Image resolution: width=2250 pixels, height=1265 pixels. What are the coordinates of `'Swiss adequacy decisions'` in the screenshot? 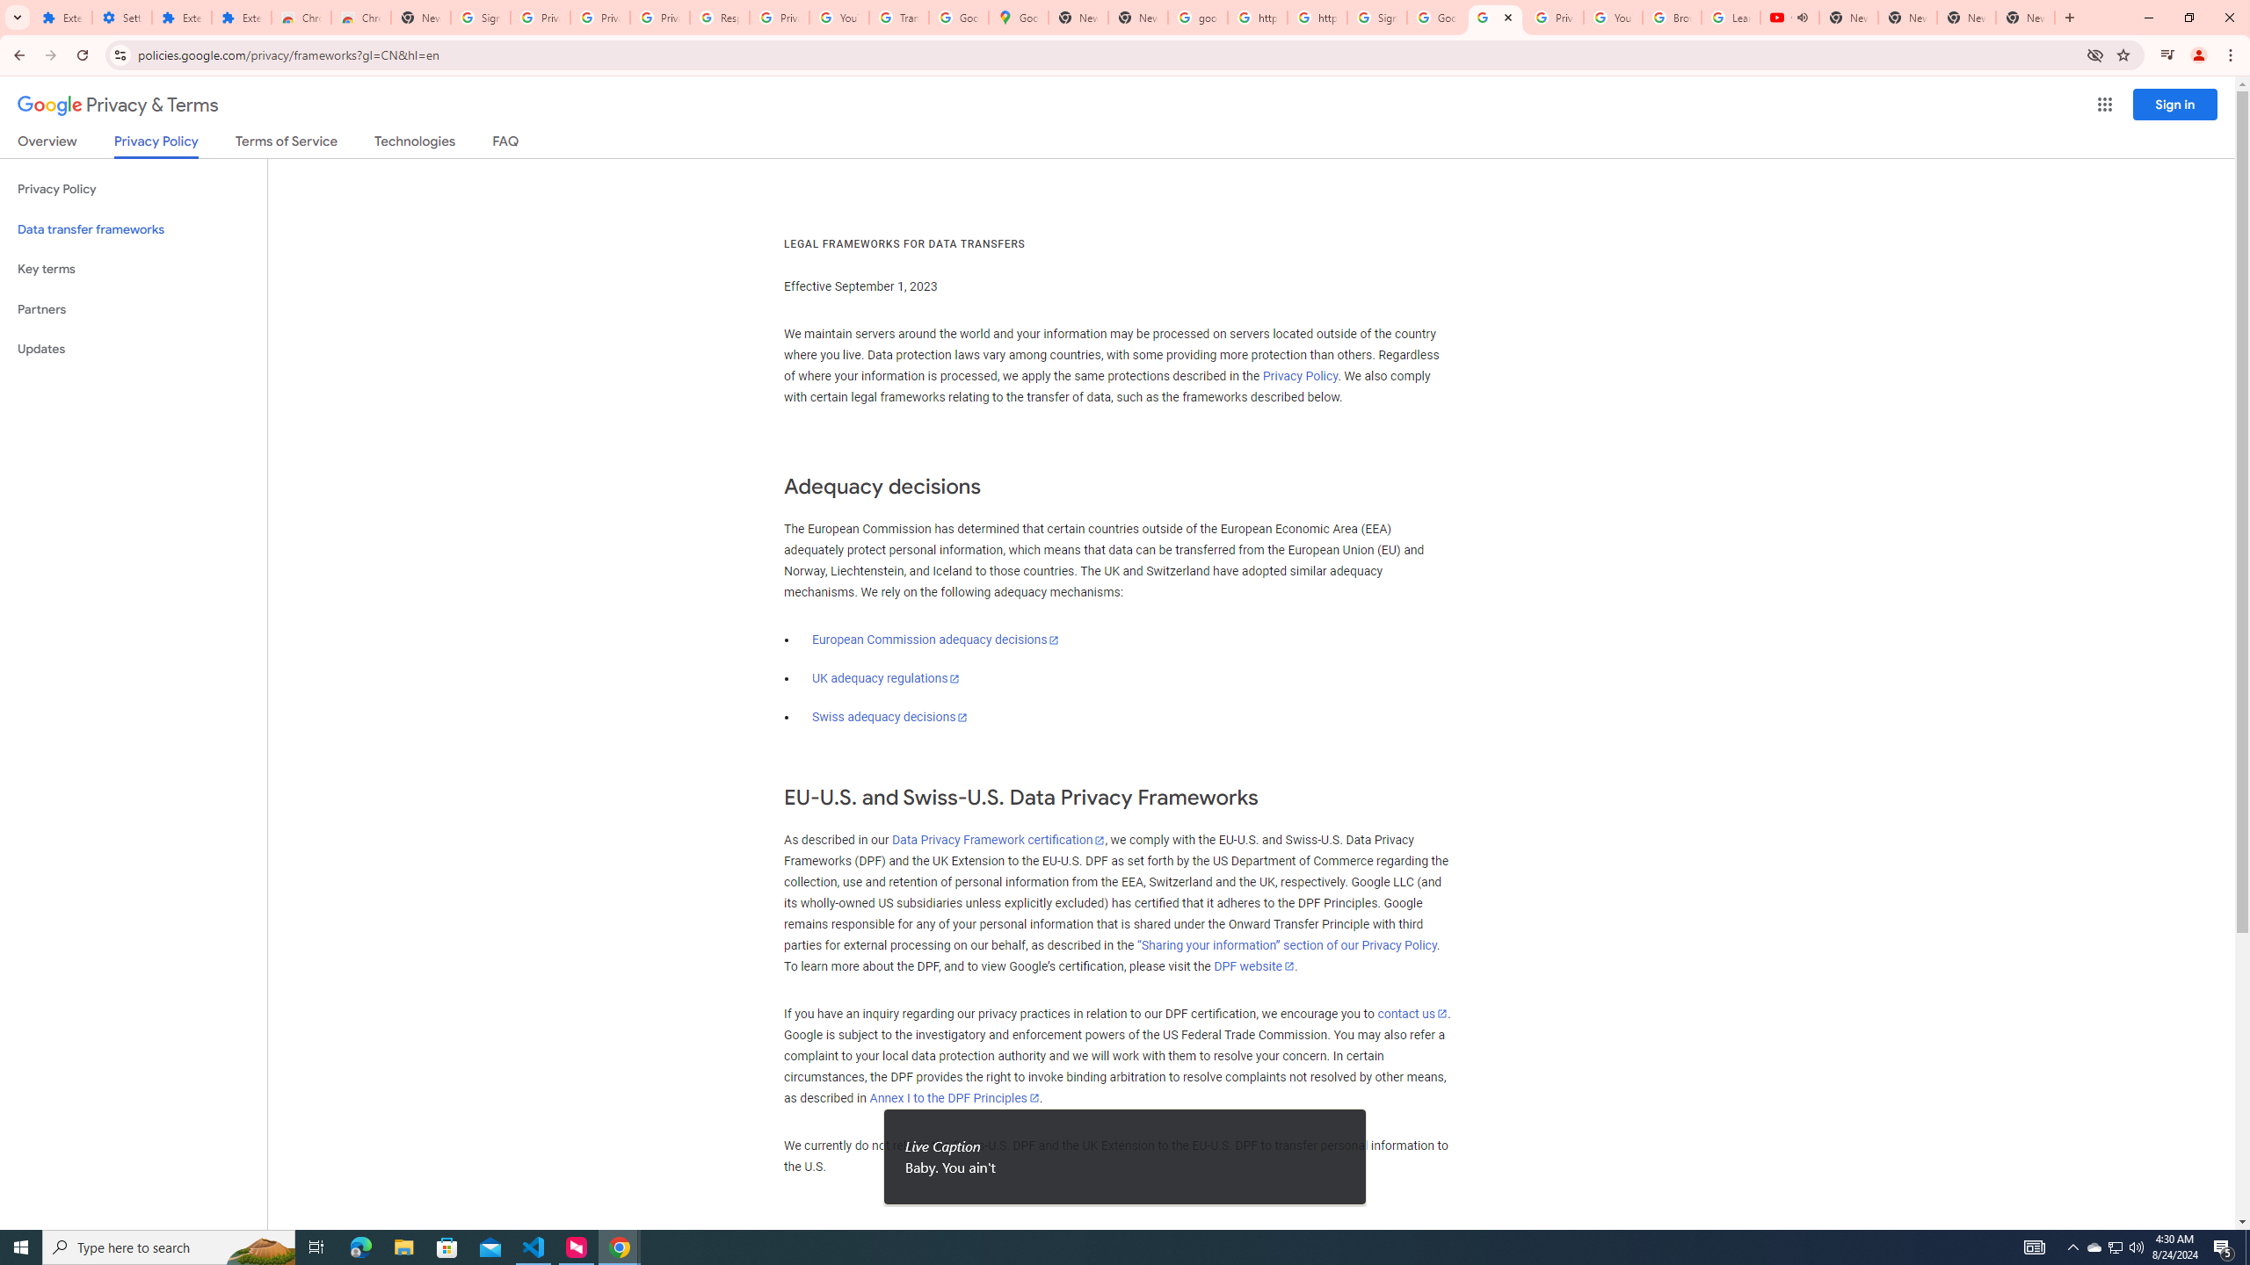 It's located at (889, 717).